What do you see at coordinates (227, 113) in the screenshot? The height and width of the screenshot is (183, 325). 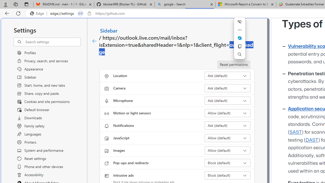 I see `'Motion or light sensors Allow (default)'` at bounding box center [227, 113].